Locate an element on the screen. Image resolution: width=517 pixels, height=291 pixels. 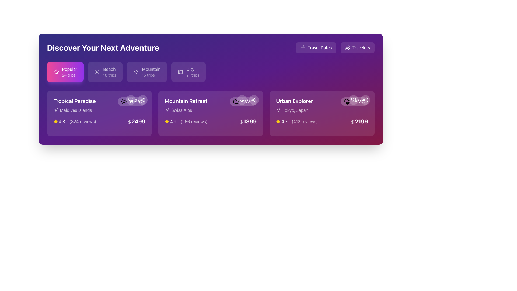
the yellow star icon in the Rating display, which shows a rating of '4.7' and is located at the bottom center-right of the 'Urban Explorer' card is located at coordinates (281, 122).